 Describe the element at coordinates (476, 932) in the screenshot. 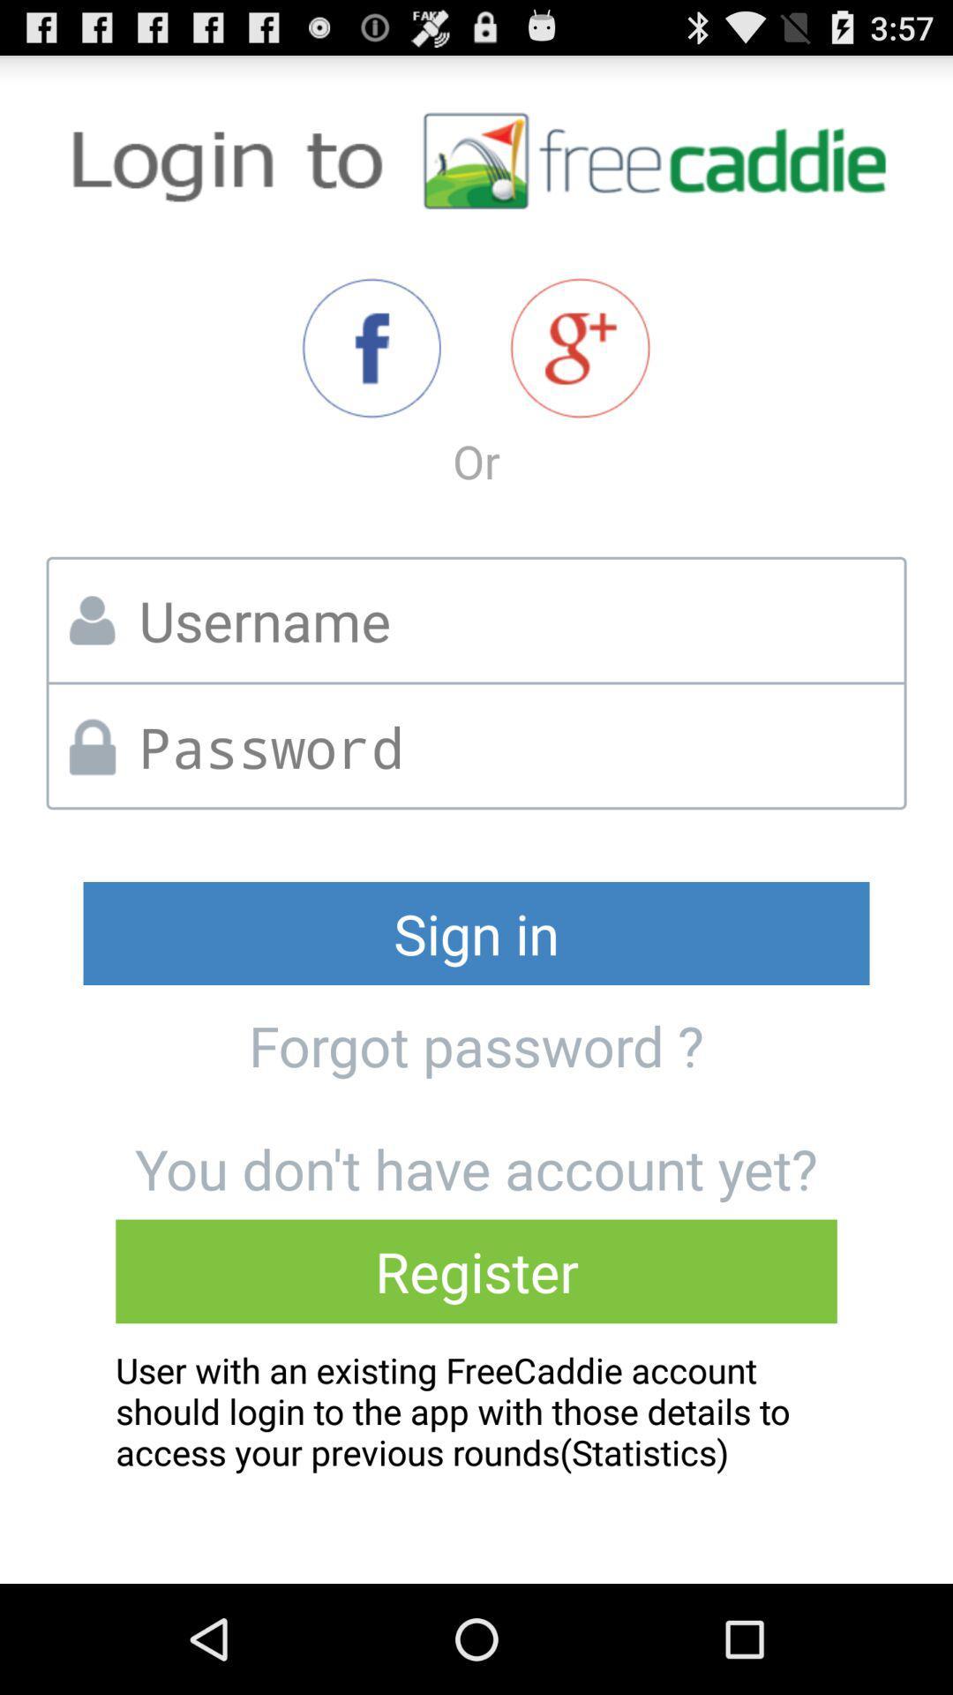

I see `sign in icon` at that location.